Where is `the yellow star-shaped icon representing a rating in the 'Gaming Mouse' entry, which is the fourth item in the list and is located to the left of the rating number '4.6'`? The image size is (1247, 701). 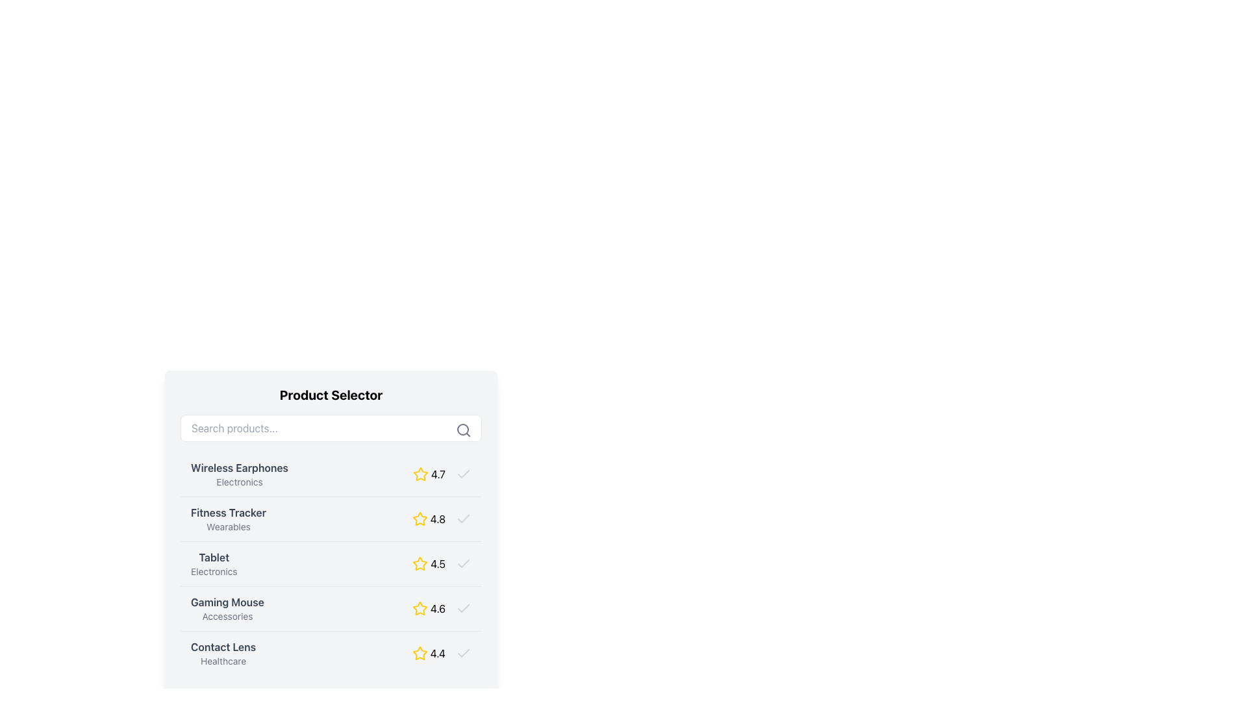 the yellow star-shaped icon representing a rating in the 'Gaming Mouse' entry, which is the fourth item in the list and is located to the left of the rating number '4.6' is located at coordinates (420, 608).